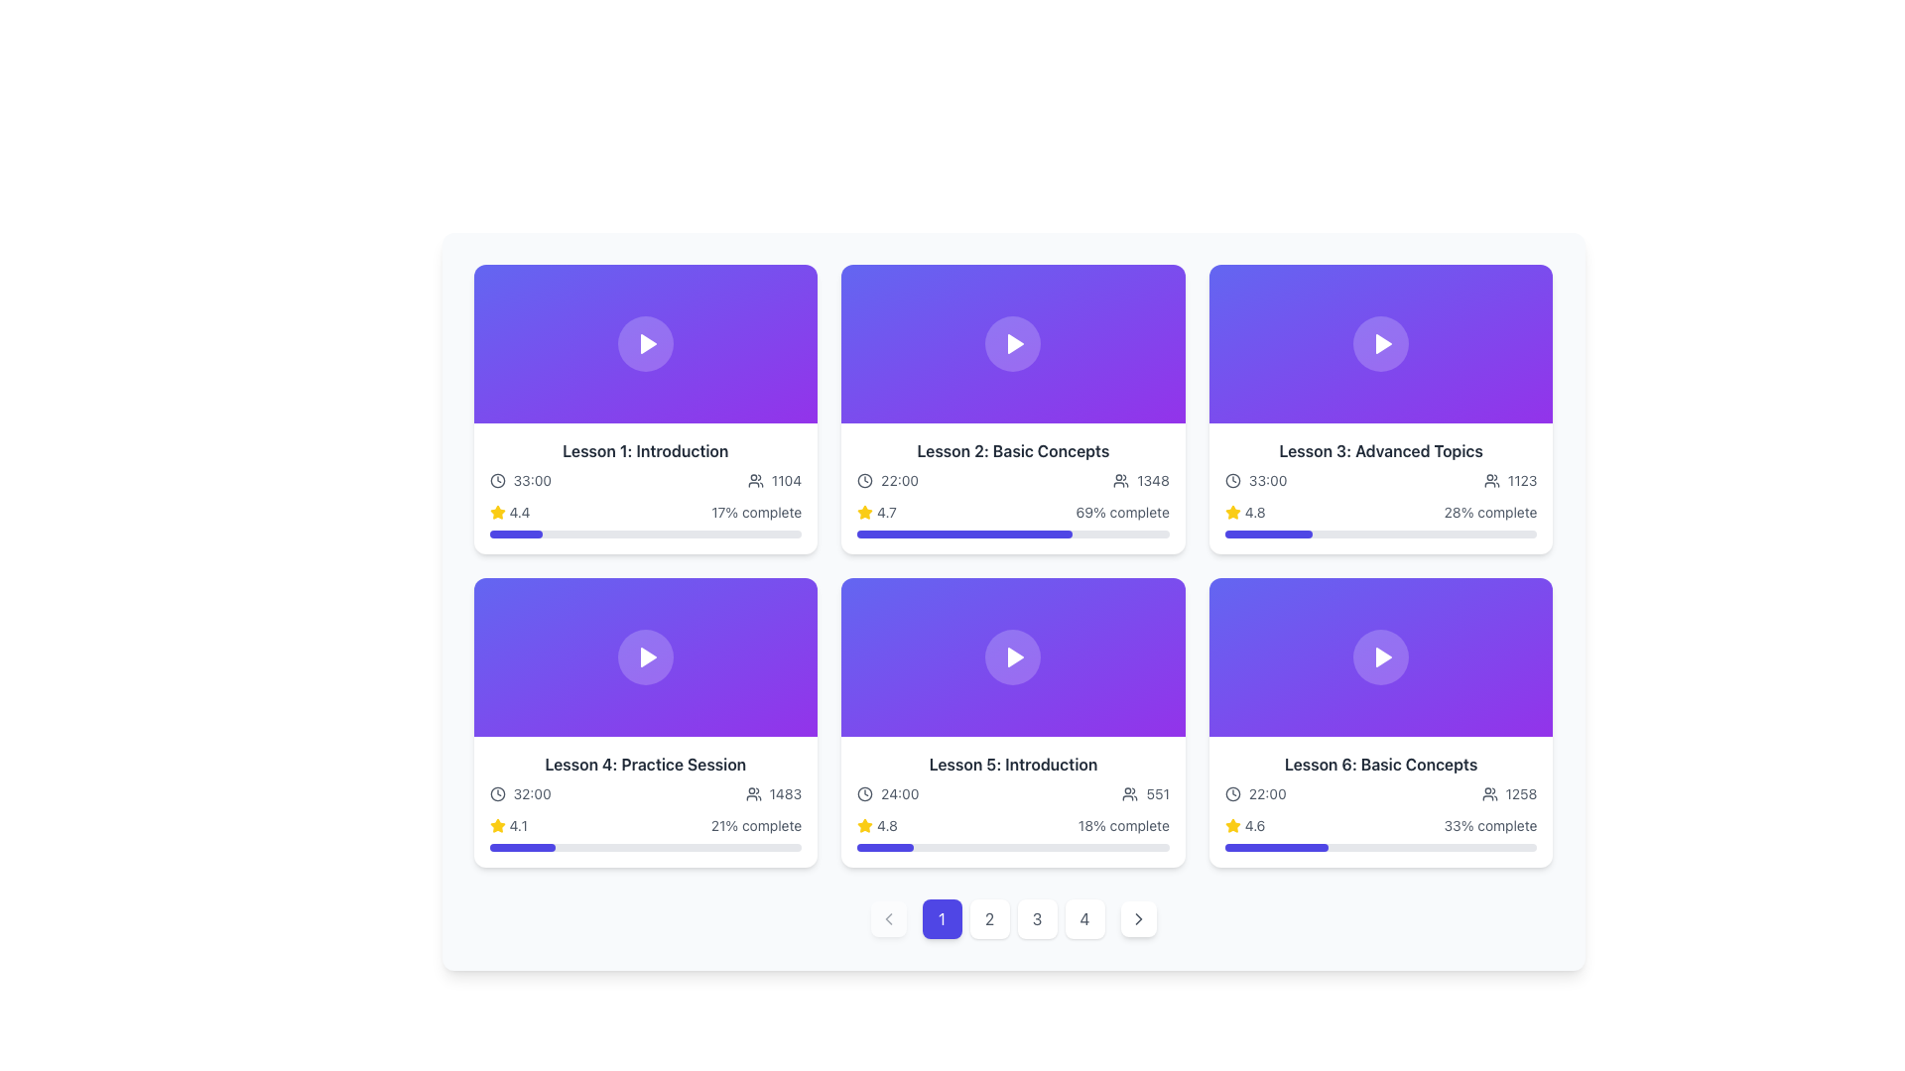 The height and width of the screenshot is (1071, 1905). I want to click on the play button located in the 'Lesson 2: Basic Concepts' card, so click(1013, 343).